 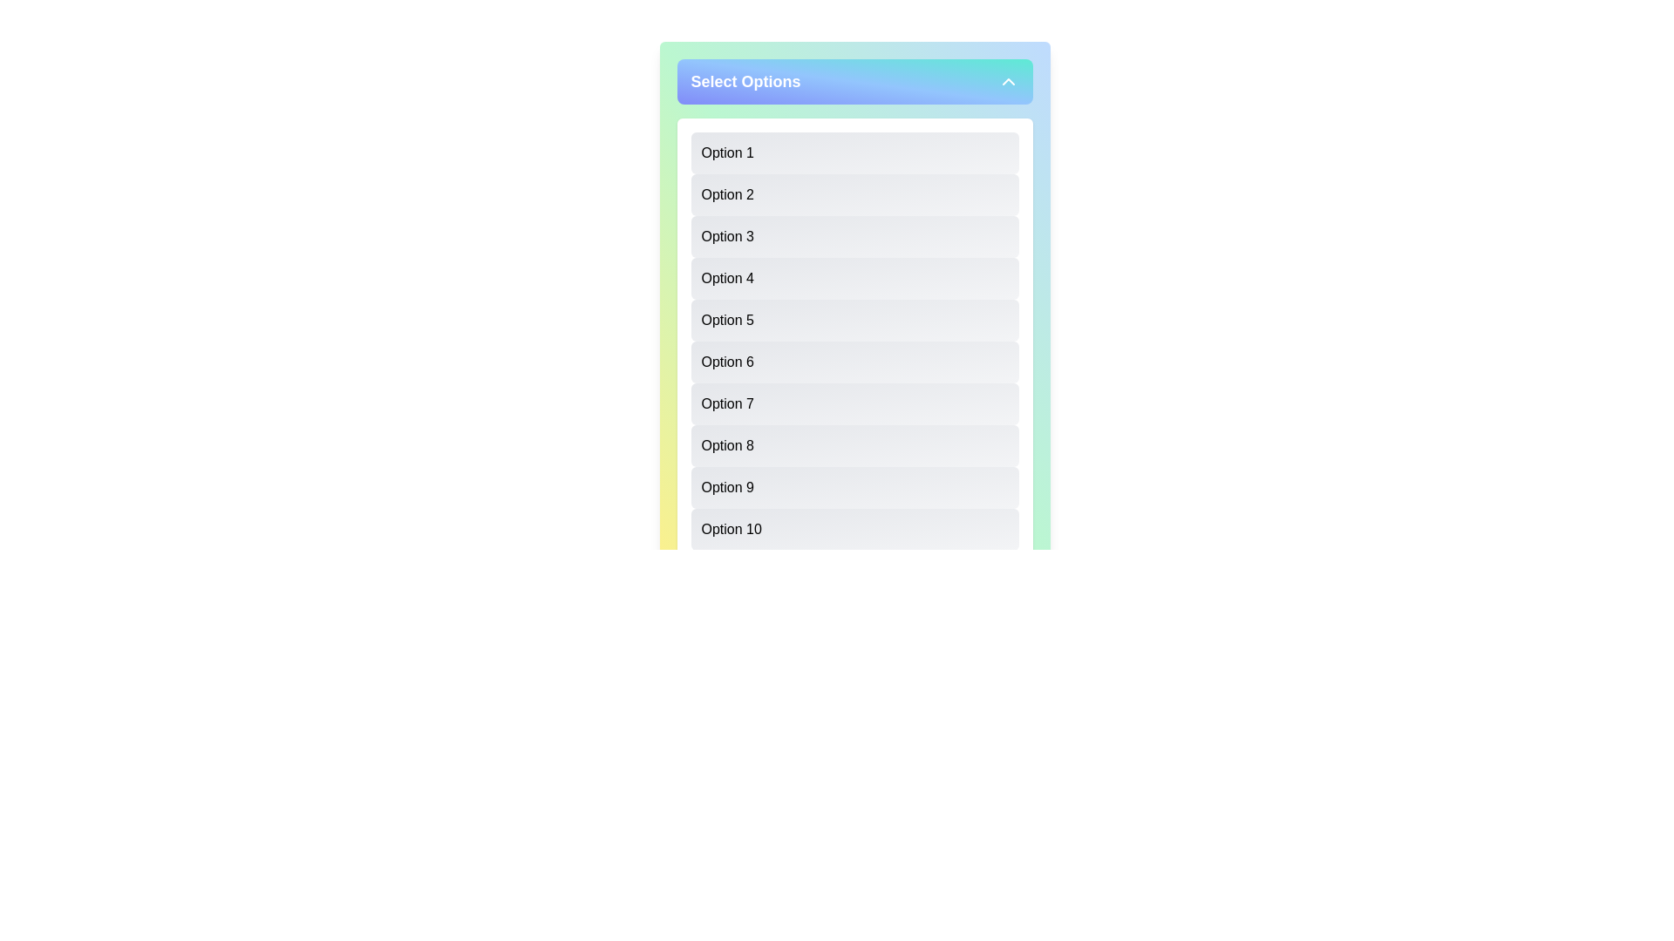 I want to click on the 'Option 3' text label in the dropdown-like interface, which is positioned between 'Option 2' and 'Option 4', so click(x=727, y=237).